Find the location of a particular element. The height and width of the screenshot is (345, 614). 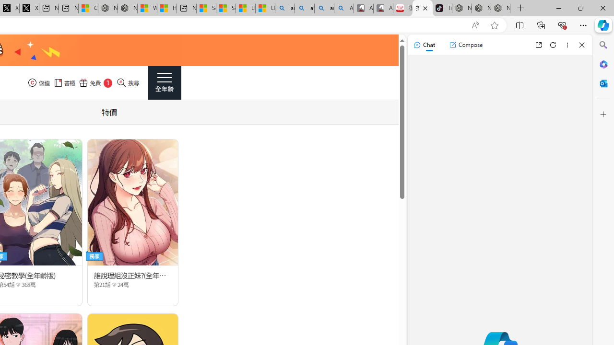

'Outlook' is located at coordinates (603, 83).